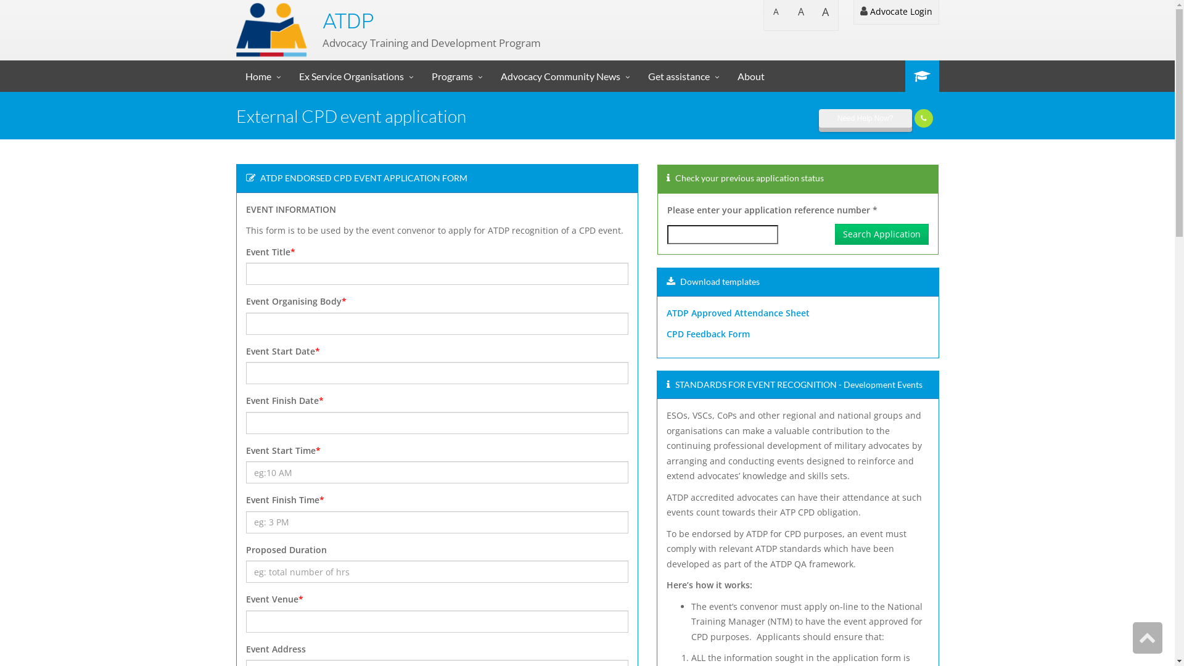 Image resolution: width=1184 pixels, height=666 pixels. I want to click on 'A', so click(813, 15).